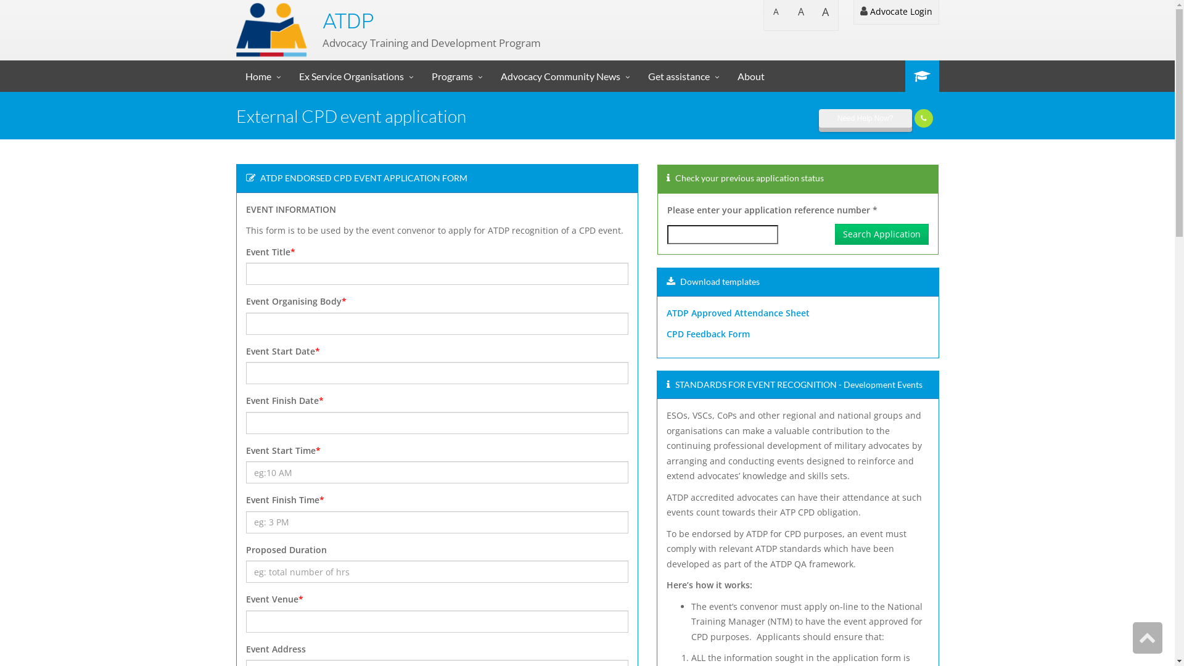 Image resolution: width=1184 pixels, height=666 pixels. I want to click on 'A', so click(813, 15).